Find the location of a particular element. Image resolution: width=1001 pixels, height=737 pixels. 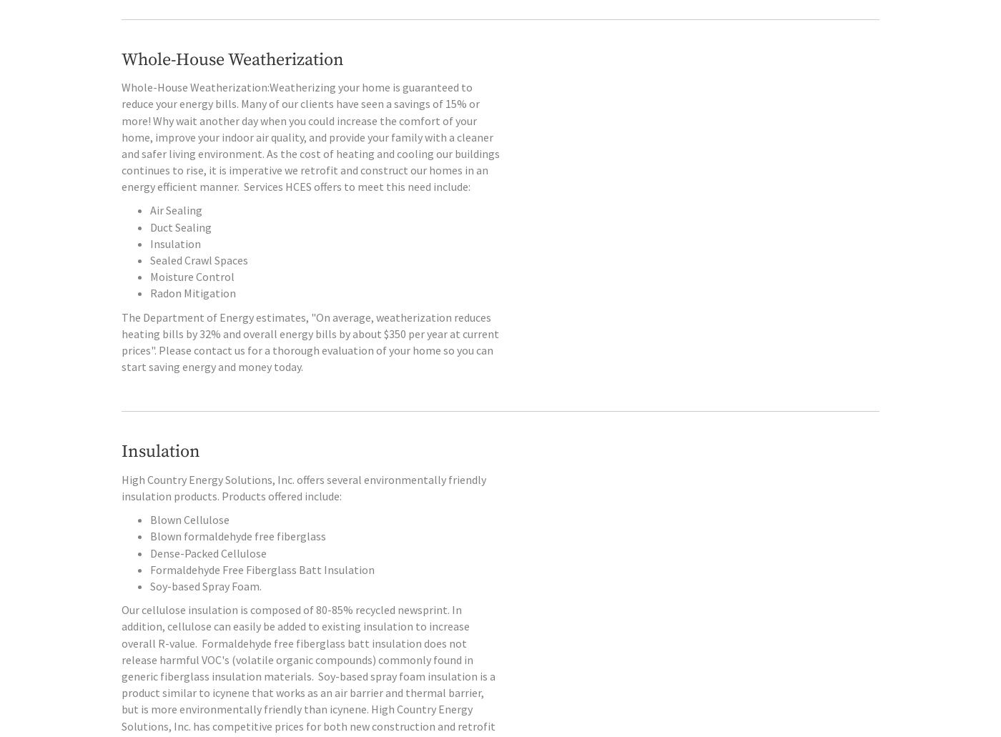

'to reduce your energy bills. Many of our clients have seen a savings of 15% or more! Why wait another day when you could increase the comfort of your home, improve your indoor air quality, and provide your family with a cleaner and safer living environment. As the cost of heating and cooling our buildings continues to rise, it is imperative we retrofit and construct our homes in an energy efficient manner.' is located at coordinates (310, 167).